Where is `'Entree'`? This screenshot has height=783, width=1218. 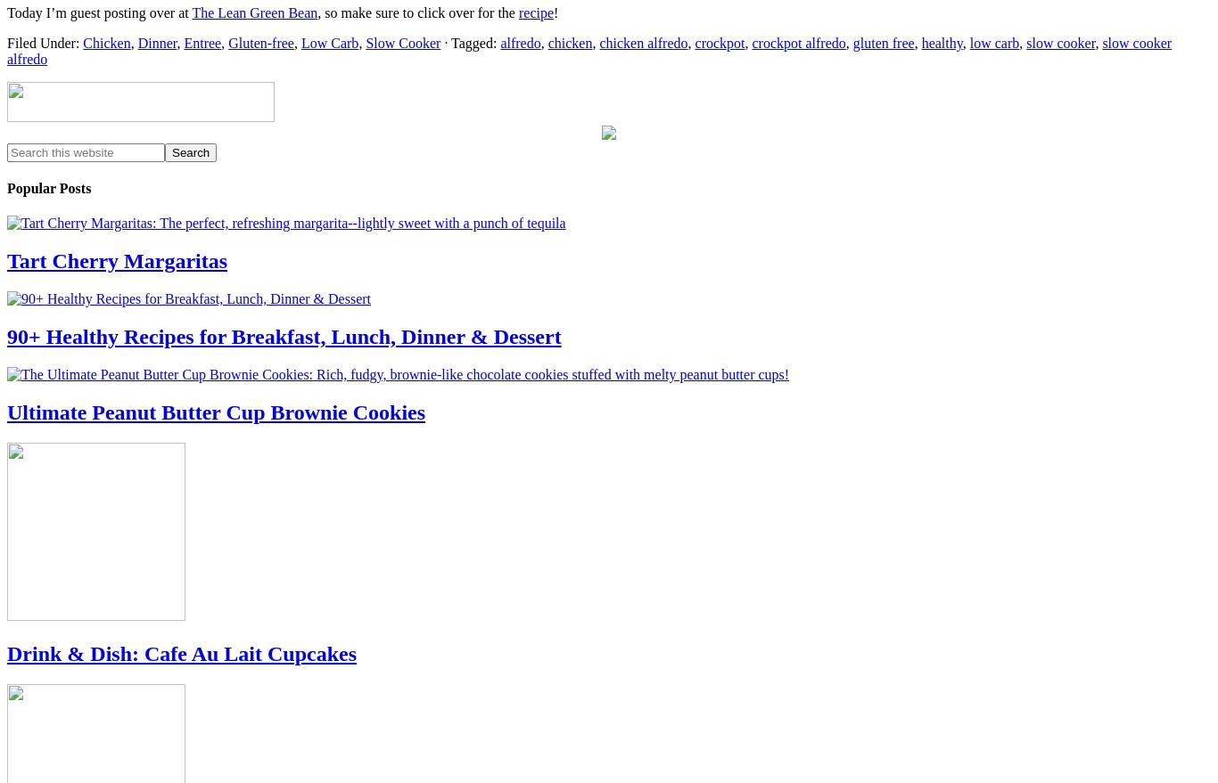
'Entree' is located at coordinates (202, 42).